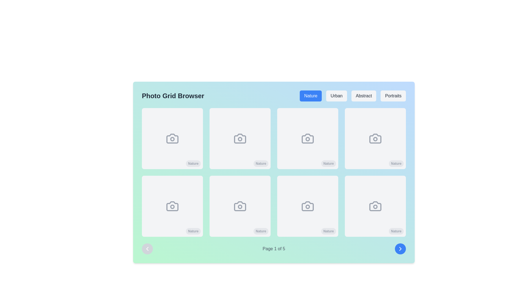  I want to click on the 'Nature' Grid Item located in the bottom-right corner of the grid, so click(375, 206).